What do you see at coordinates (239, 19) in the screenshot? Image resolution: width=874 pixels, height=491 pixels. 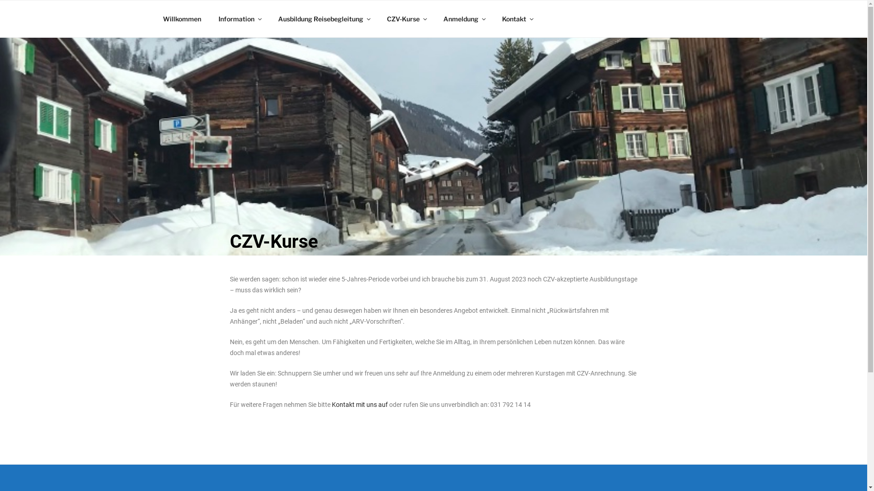 I see `'Information'` at bounding box center [239, 19].